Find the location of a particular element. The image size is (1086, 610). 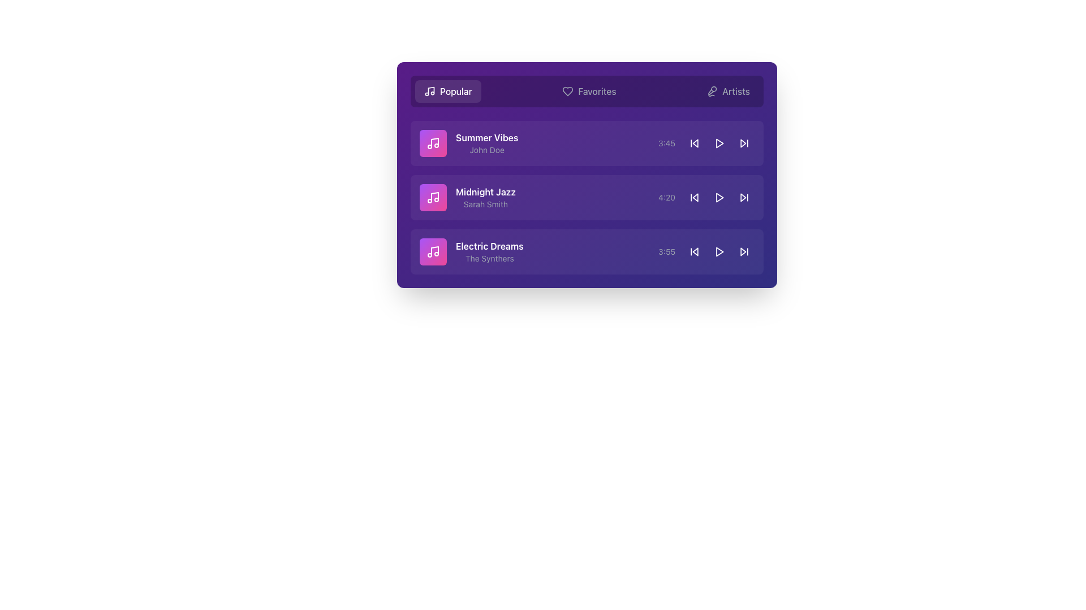

the 'Popular' text display in the navigation bar, which is styled in white color and located next to a music note icon is located at coordinates (456, 91).